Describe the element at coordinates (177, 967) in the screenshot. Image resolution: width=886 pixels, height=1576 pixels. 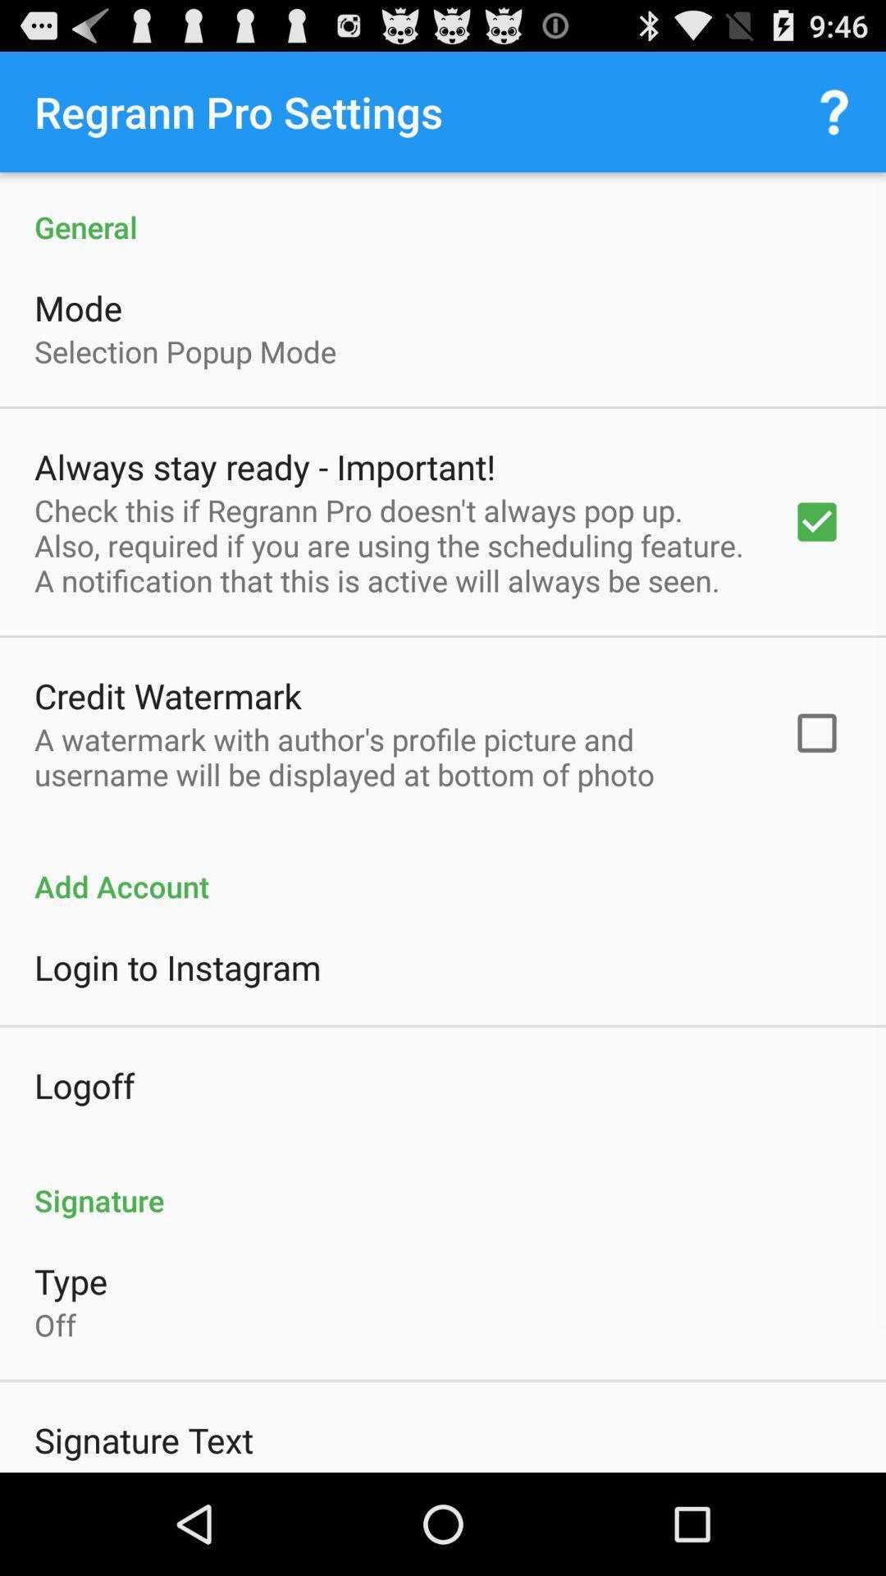
I see `icon above the logoff item` at that location.